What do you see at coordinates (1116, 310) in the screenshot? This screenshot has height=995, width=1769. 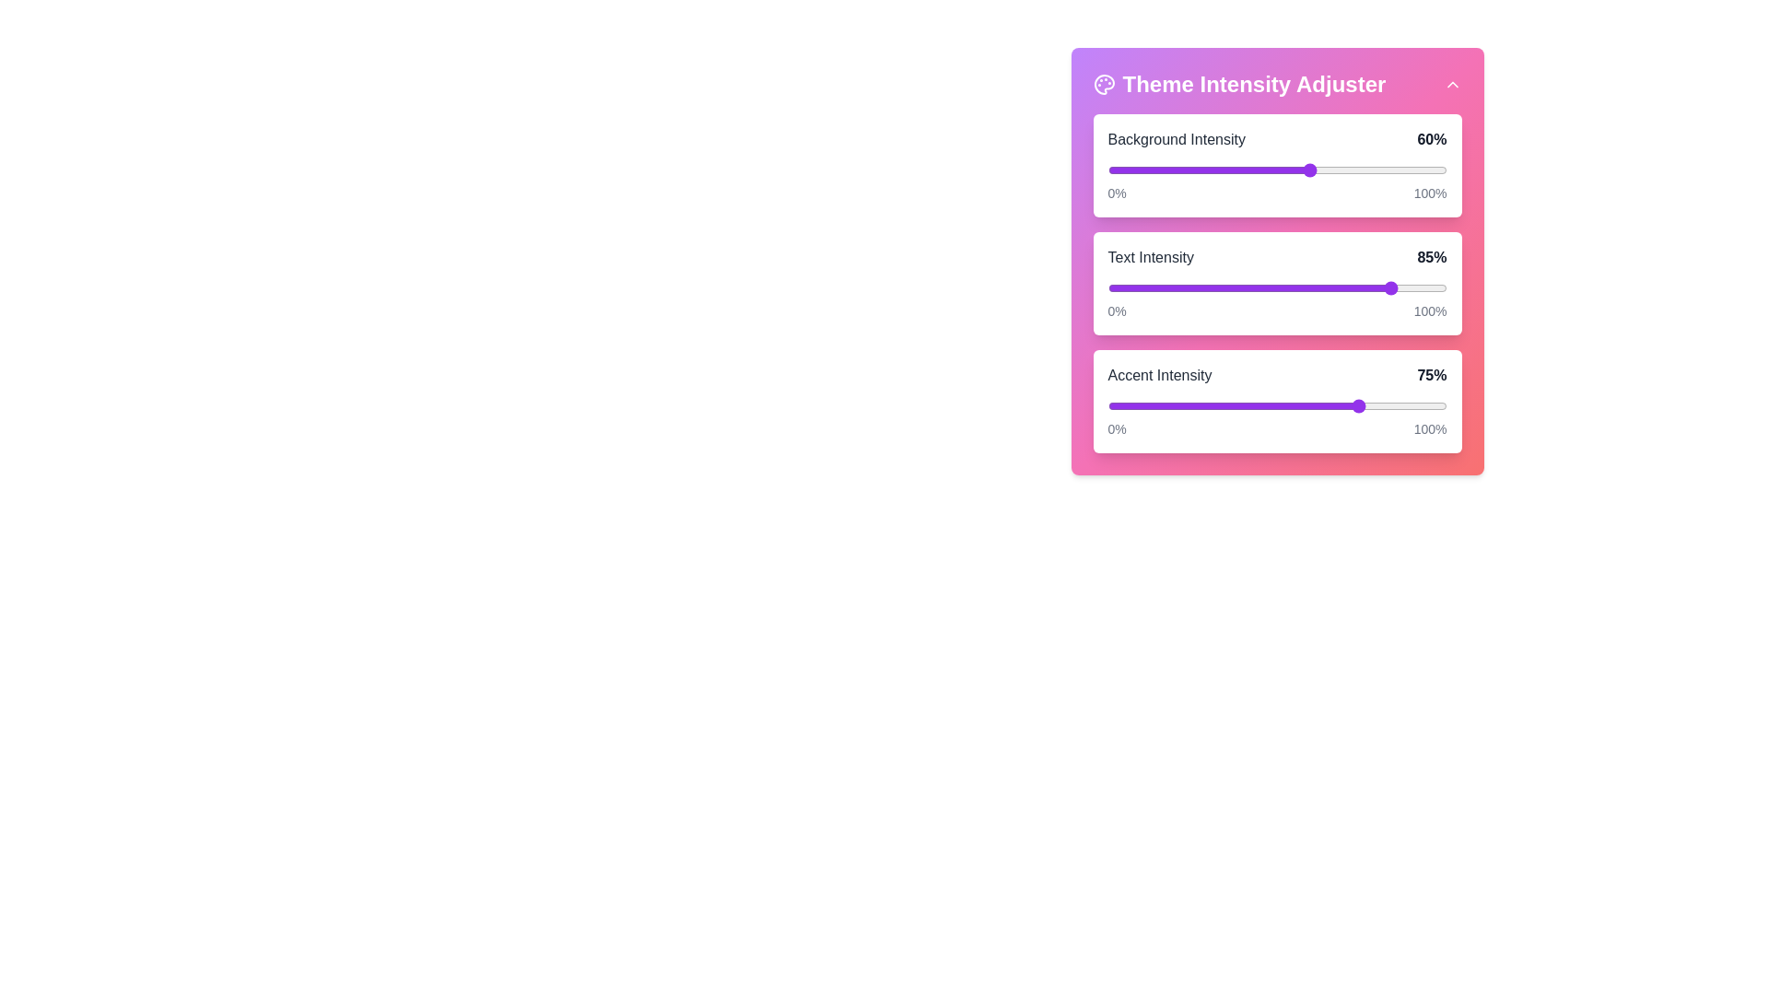 I see `the label displaying '0%' which is styled in a small gray font and positioned to the left of the slider bar for adjusting intensity values` at bounding box center [1116, 310].